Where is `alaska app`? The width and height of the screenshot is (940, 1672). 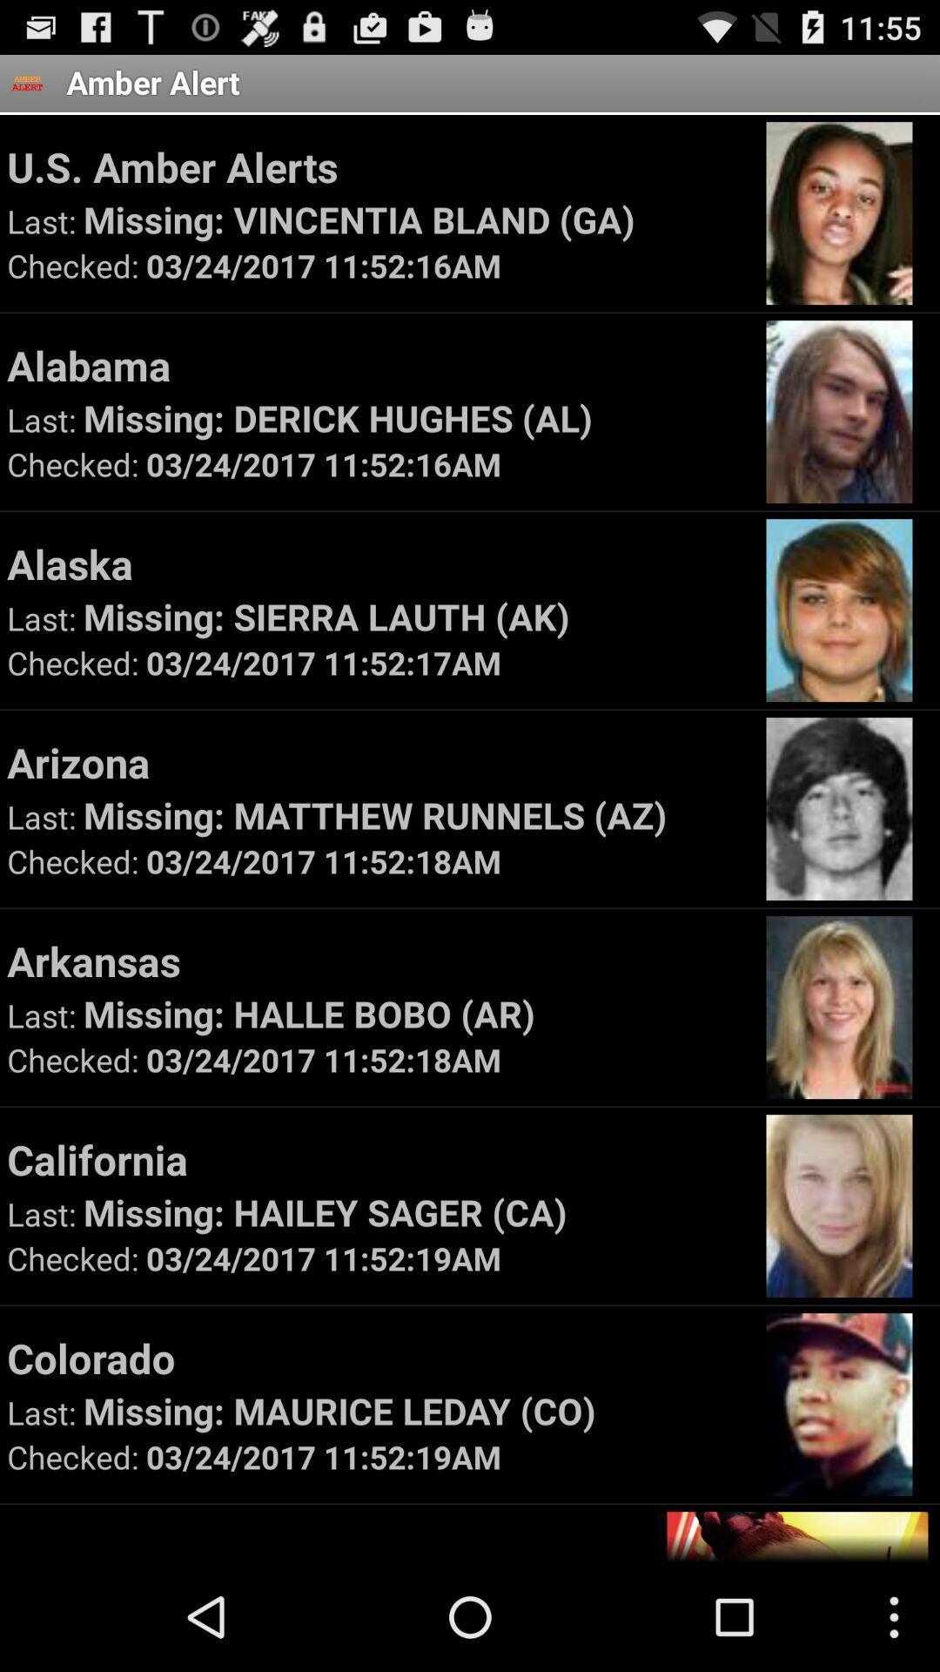
alaska app is located at coordinates (378, 563).